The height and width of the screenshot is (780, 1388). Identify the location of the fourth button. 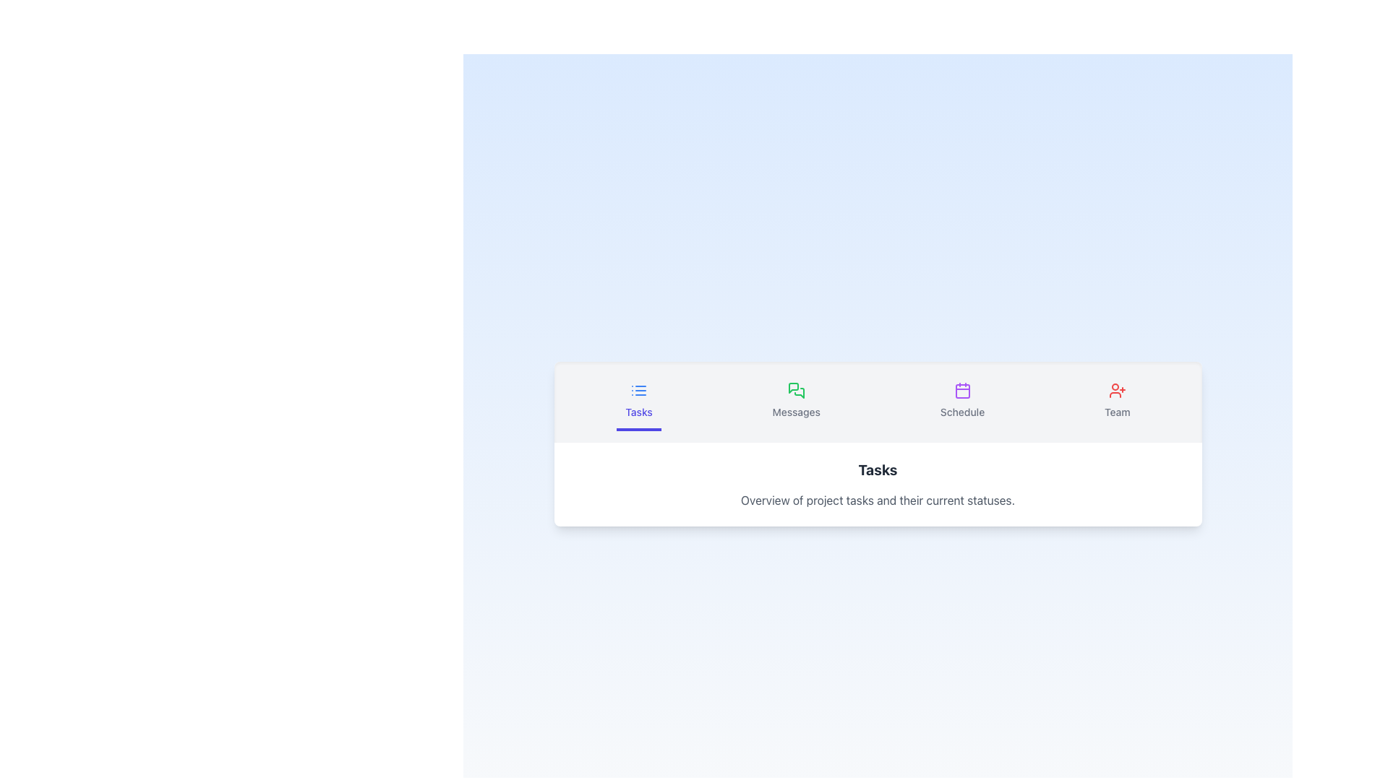
(1116, 402).